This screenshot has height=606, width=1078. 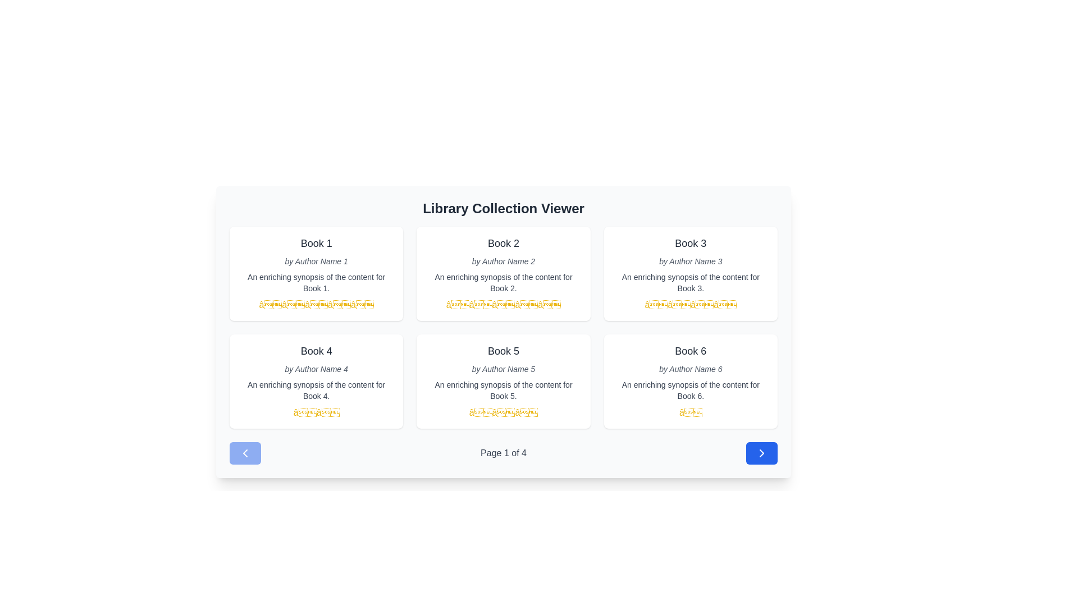 I want to click on the fourth star in the rating system displayed on the 'Book 1' card in the top-left of the grid, so click(x=339, y=305).